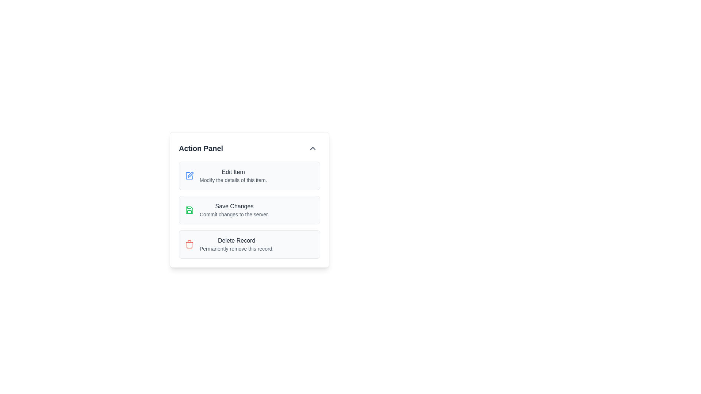 The width and height of the screenshot is (701, 394). What do you see at coordinates (313, 148) in the screenshot?
I see `the upward-pointing chevron icon located at the top-right corner of the Action Panel card` at bounding box center [313, 148].